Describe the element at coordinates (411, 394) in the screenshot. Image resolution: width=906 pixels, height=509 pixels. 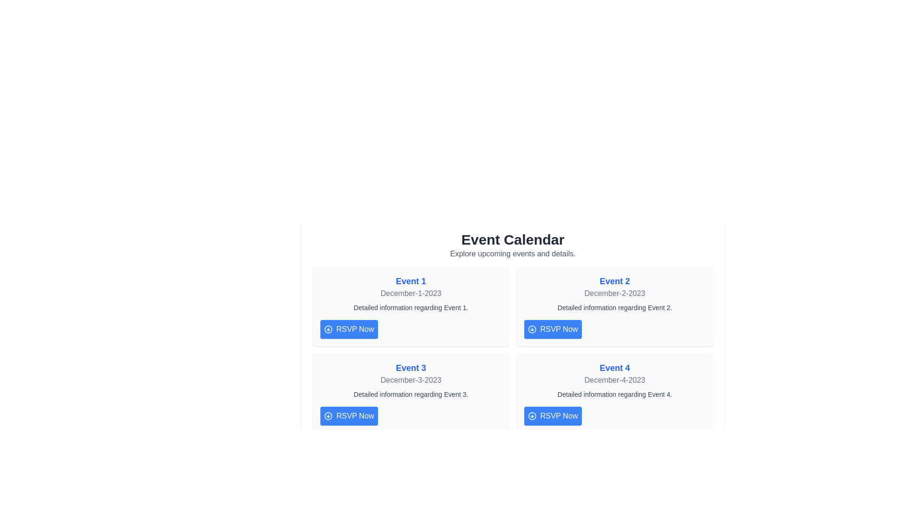
I see `the text label that displays 'Detailed information regarding Event 3.' located within the event card in the third column of the second row of the grid layout` at that location.